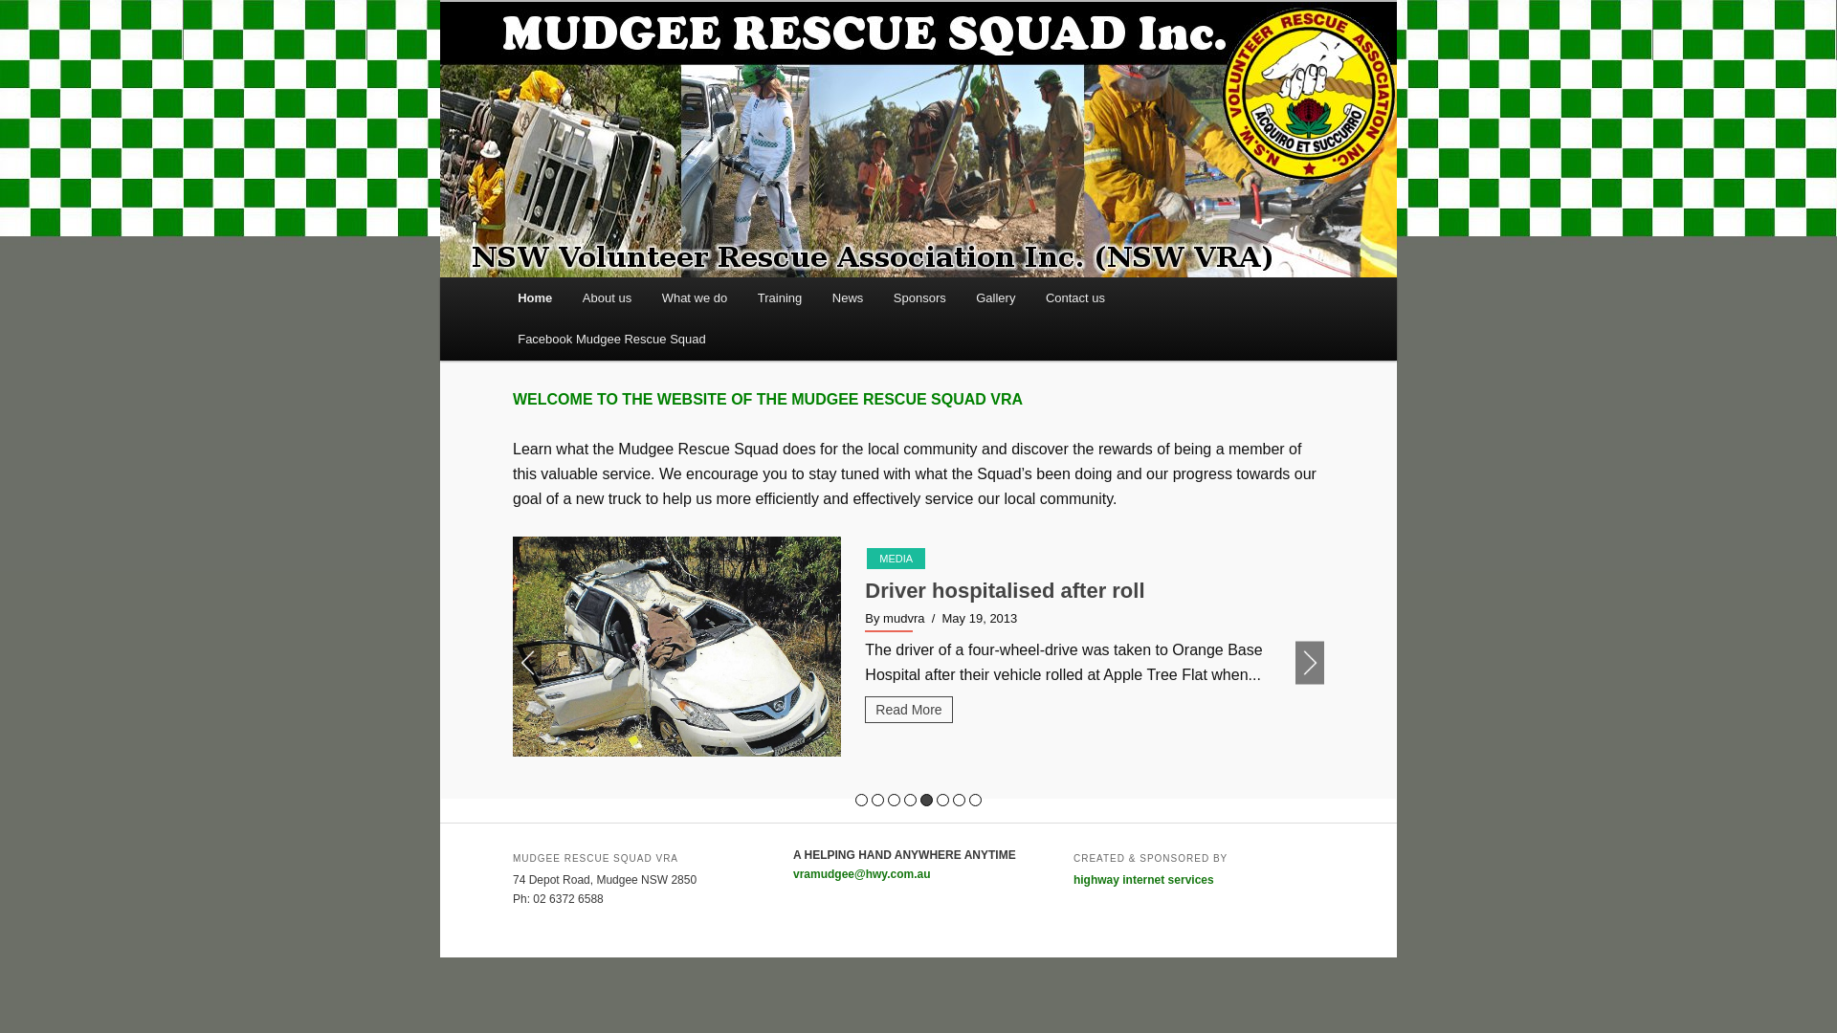 This screenshot has height=1033, width=1837. I want to click on 'vramudgee@hwy.com.au', so click(861, 874).